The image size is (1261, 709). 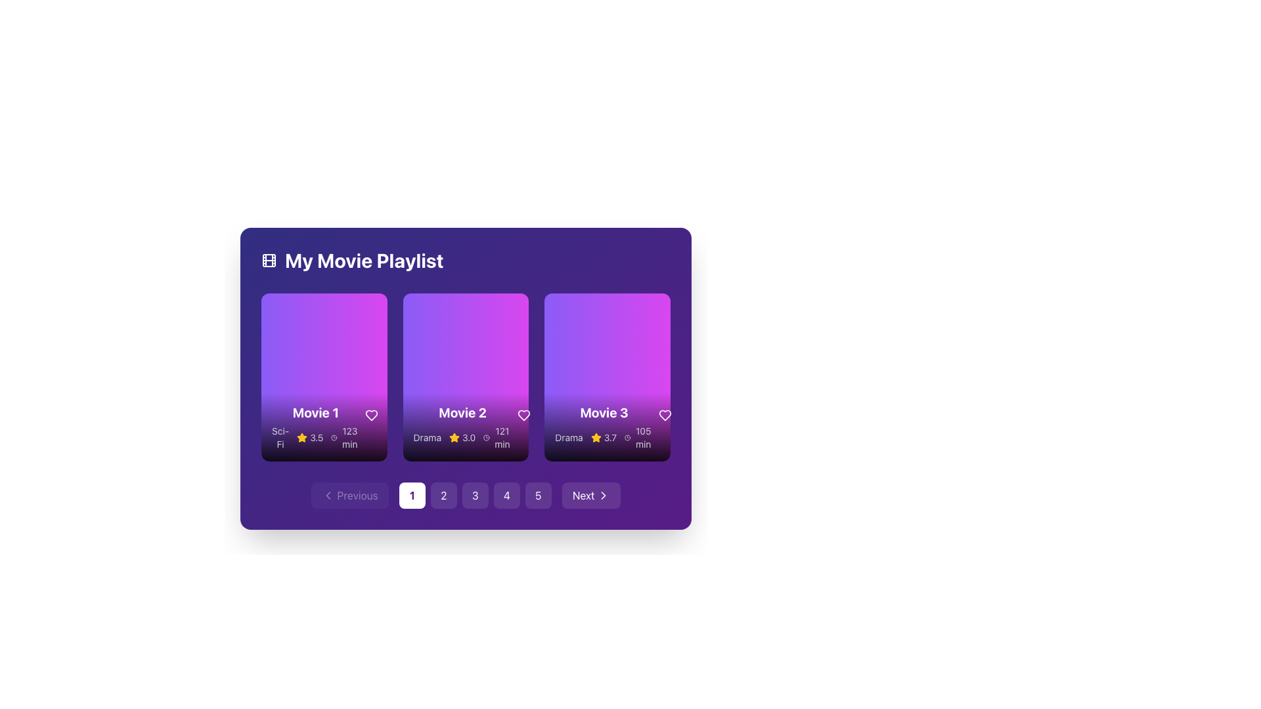 What do you see at coordinates (454, 438) in the screenshot?
I see `the yellow star-shaped icon located to the left of the '3.0' rating in the second movie card's rating section` at bounding box center [454, 438].